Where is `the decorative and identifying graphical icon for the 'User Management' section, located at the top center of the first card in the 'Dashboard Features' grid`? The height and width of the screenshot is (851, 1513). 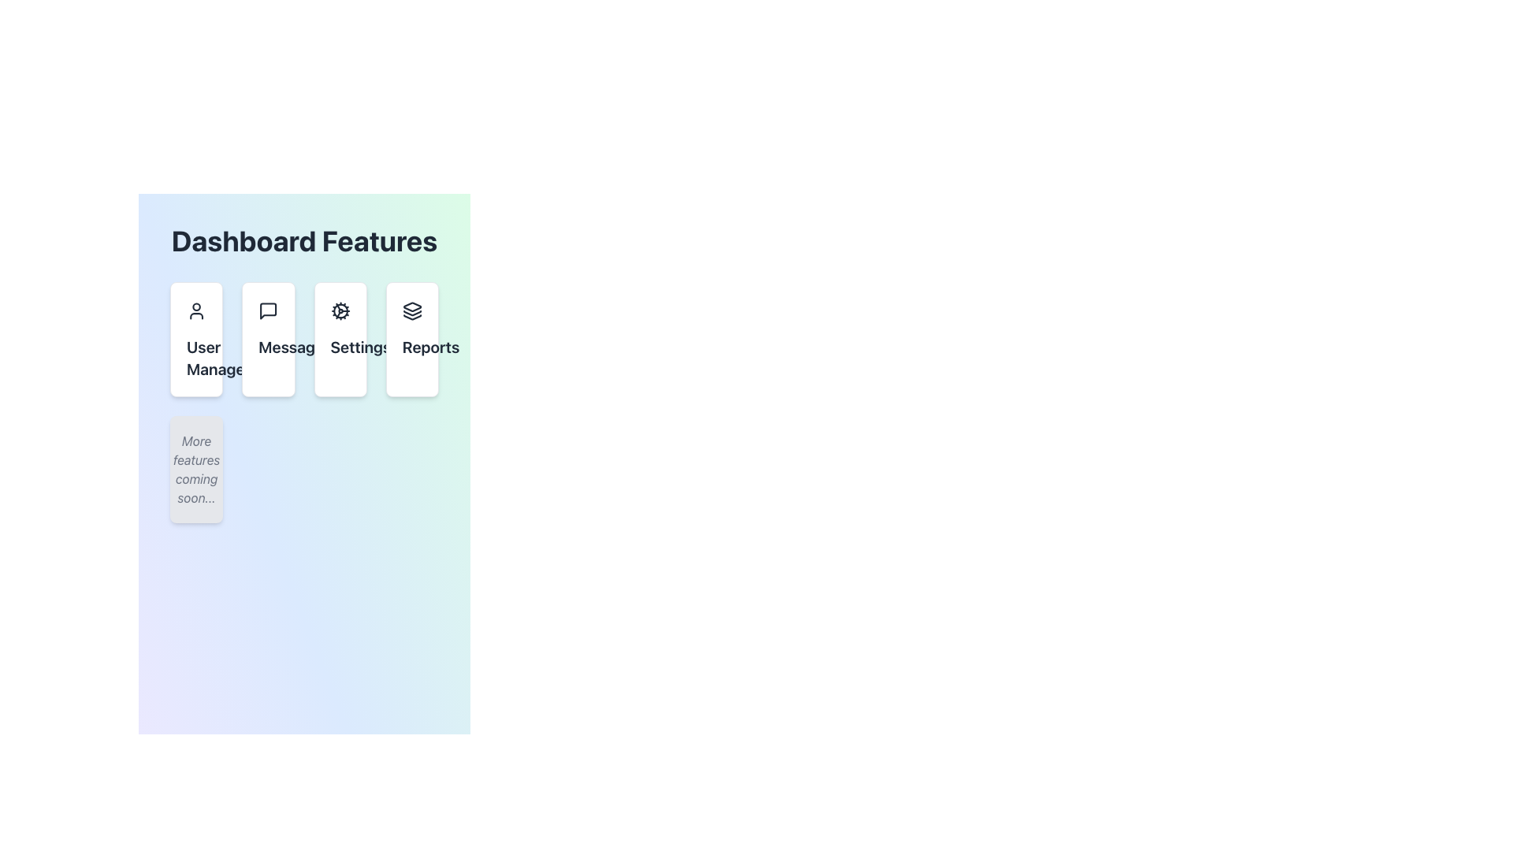
the decorative and identifying graphical icon for the 'User Management' section, located at the top center of the first card in the 'Dashboard Features' grid is located at coordinates (195, 310).